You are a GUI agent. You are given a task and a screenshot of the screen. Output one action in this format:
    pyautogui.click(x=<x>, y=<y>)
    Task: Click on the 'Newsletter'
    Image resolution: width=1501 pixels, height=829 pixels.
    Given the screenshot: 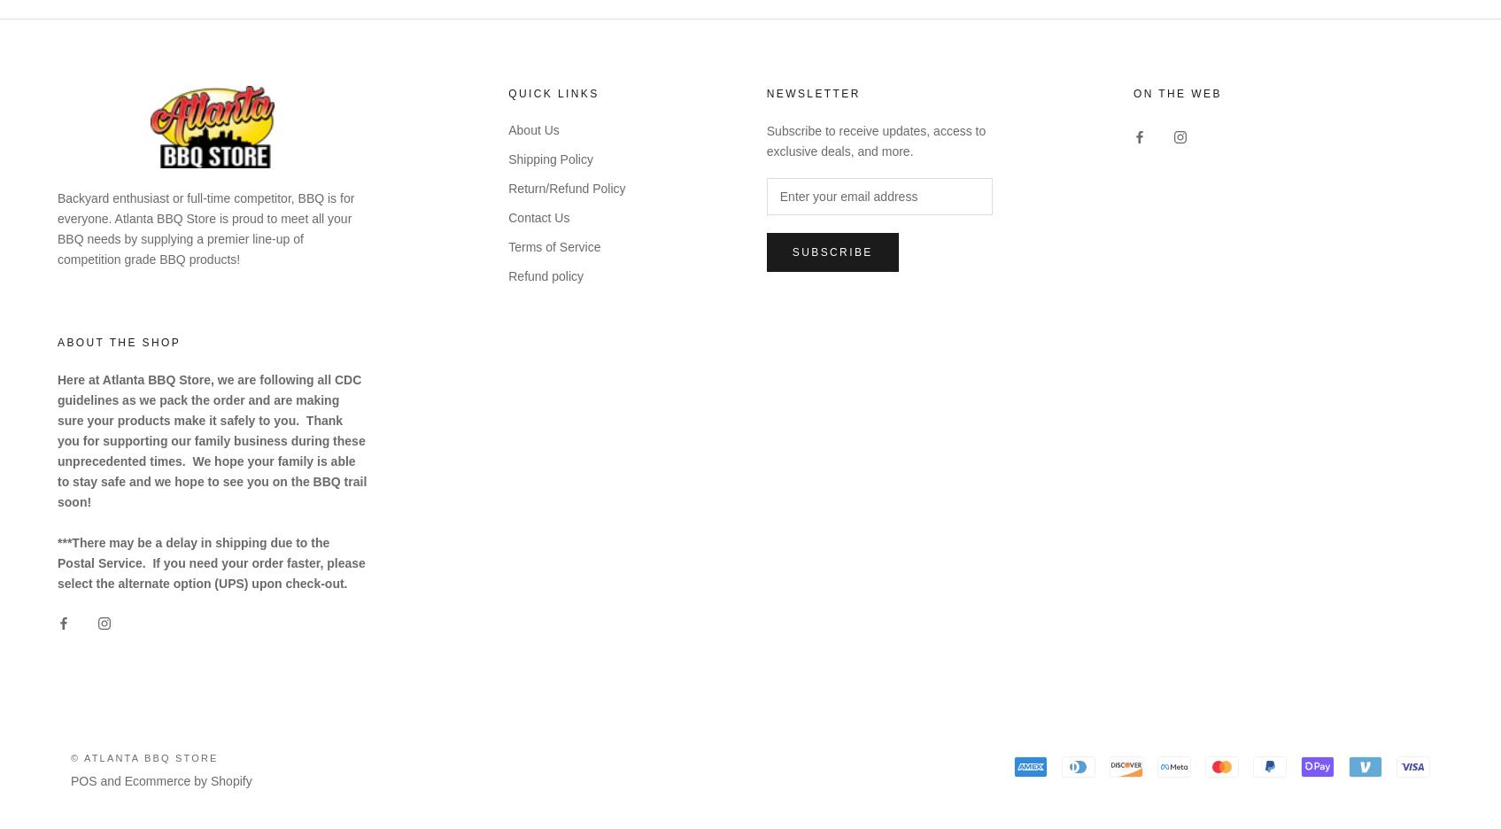 What is the action you would take?
    pyautogui.click(x=813, y=92)
    